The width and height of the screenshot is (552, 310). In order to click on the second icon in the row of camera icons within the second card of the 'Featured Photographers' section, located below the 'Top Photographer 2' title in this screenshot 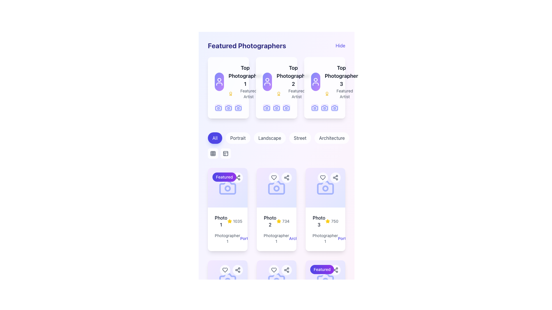, I will do `click(286, 108)`.